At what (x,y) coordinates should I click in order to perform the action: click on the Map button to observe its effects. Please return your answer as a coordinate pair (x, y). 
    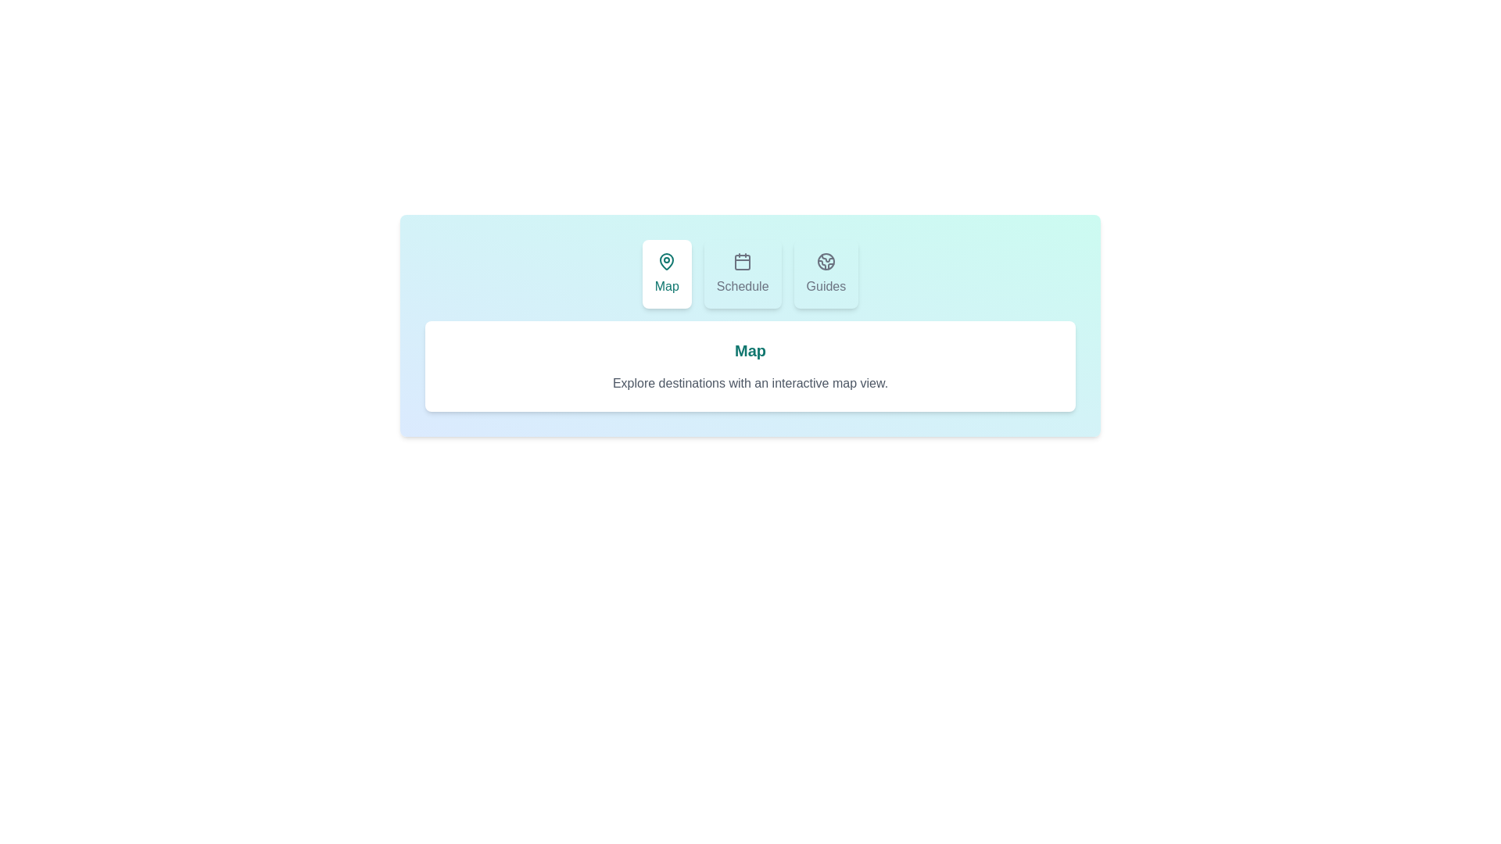
    Looking at the image, I should click on (667, 274).